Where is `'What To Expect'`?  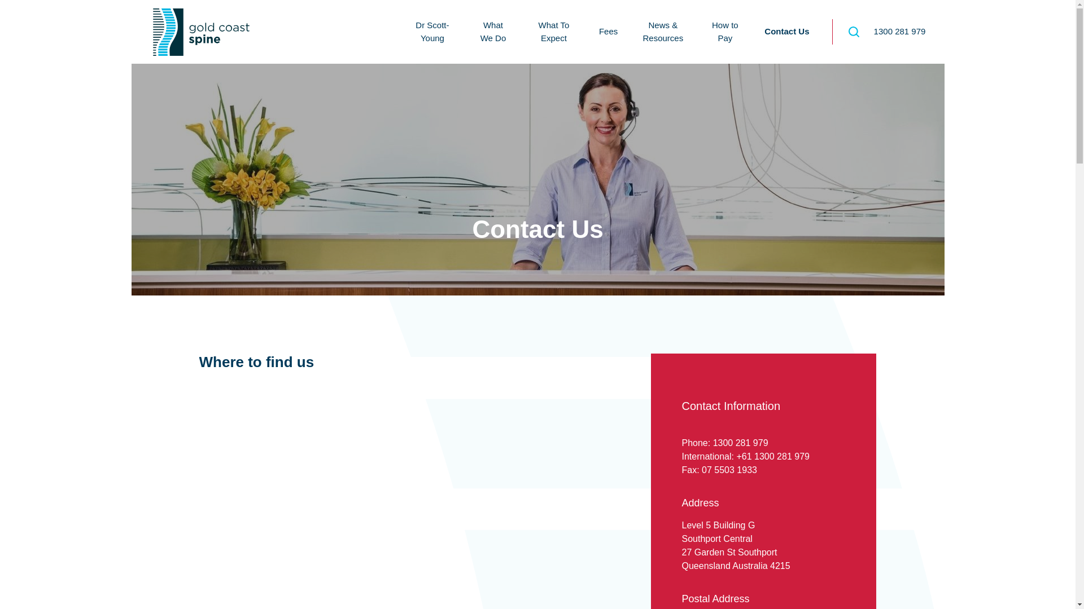
'What To Expect' is located at coordinates (553, 31).